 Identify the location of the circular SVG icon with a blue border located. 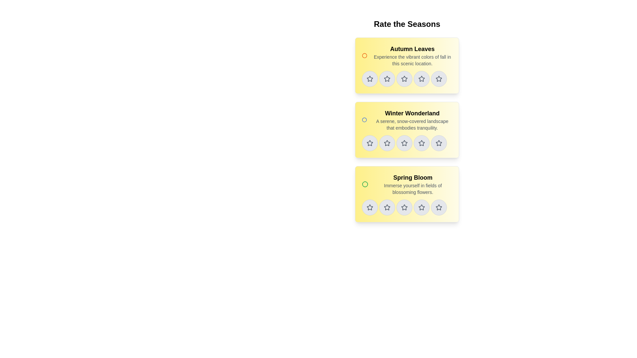
(364, 120).